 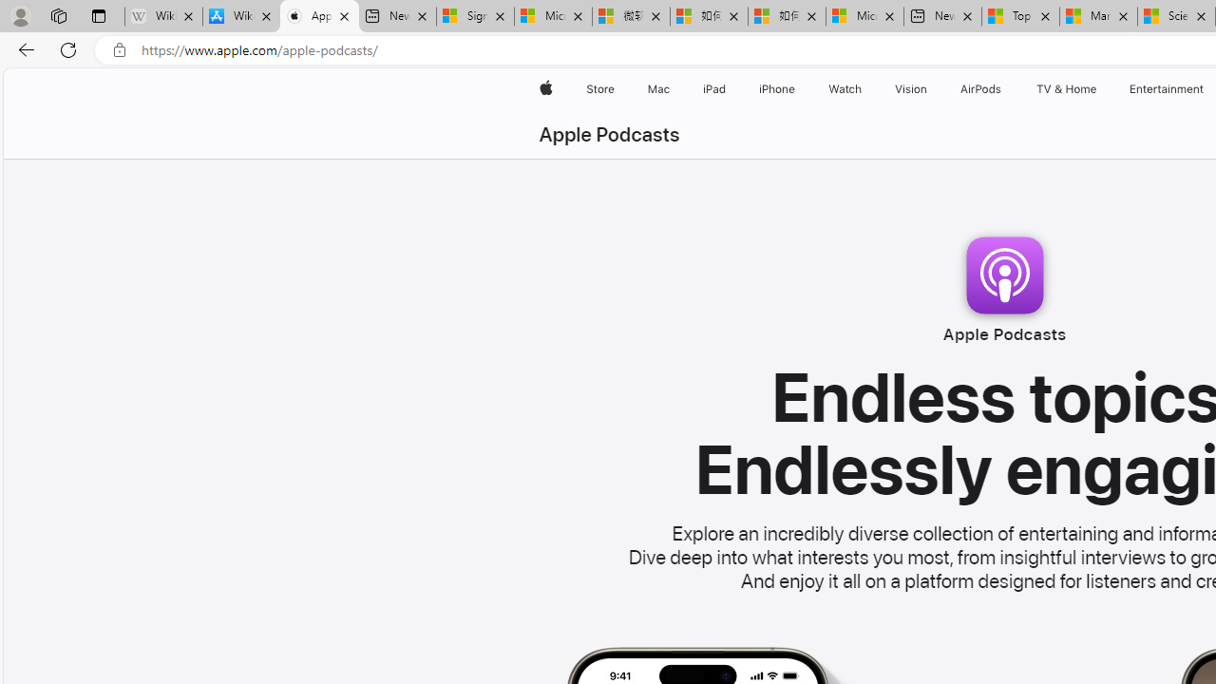 I want to click on 'Microsoft account | Account Checkup', so click(x=864, y=16).